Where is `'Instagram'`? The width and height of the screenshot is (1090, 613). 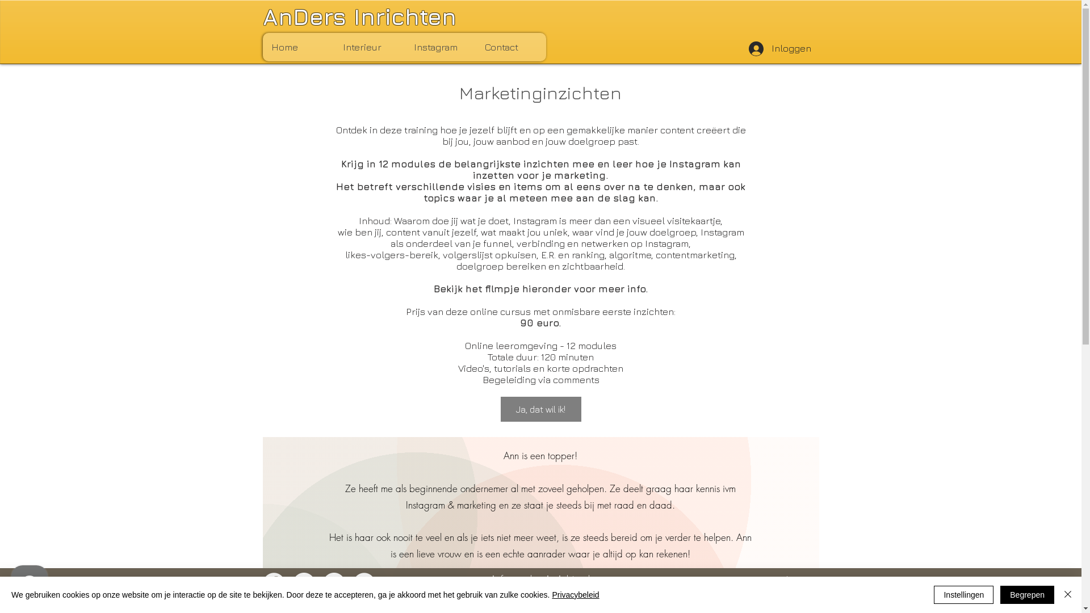 'Instagram' is located at coordinates (439, 47).